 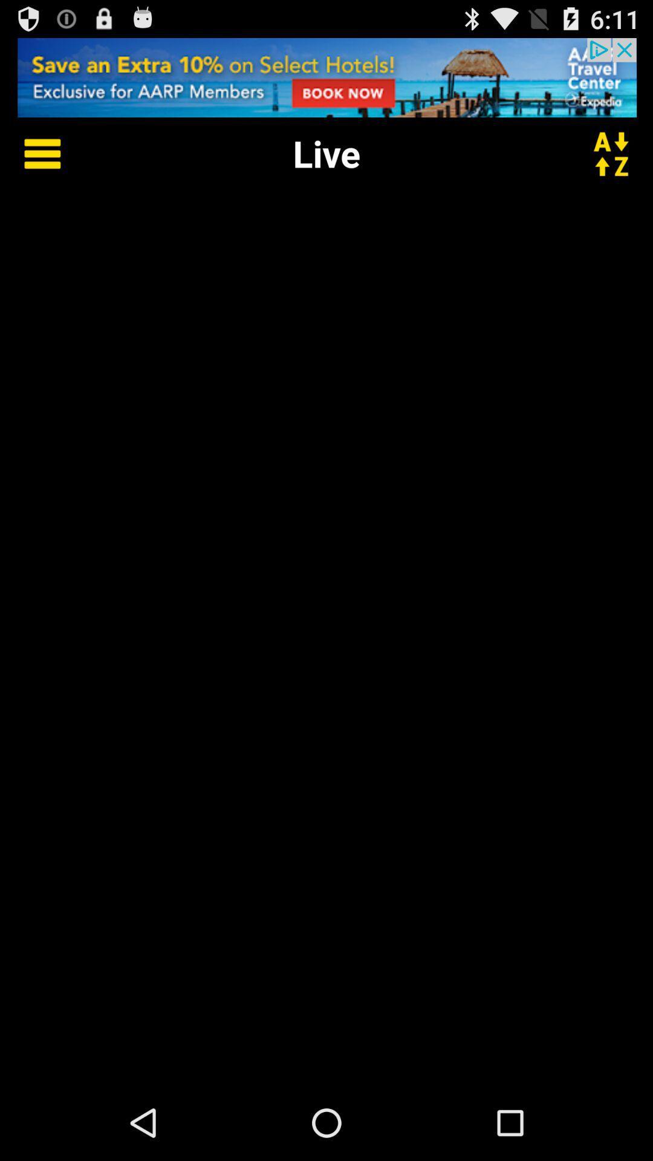 I want to click on menu, so click(x=33, y=152).